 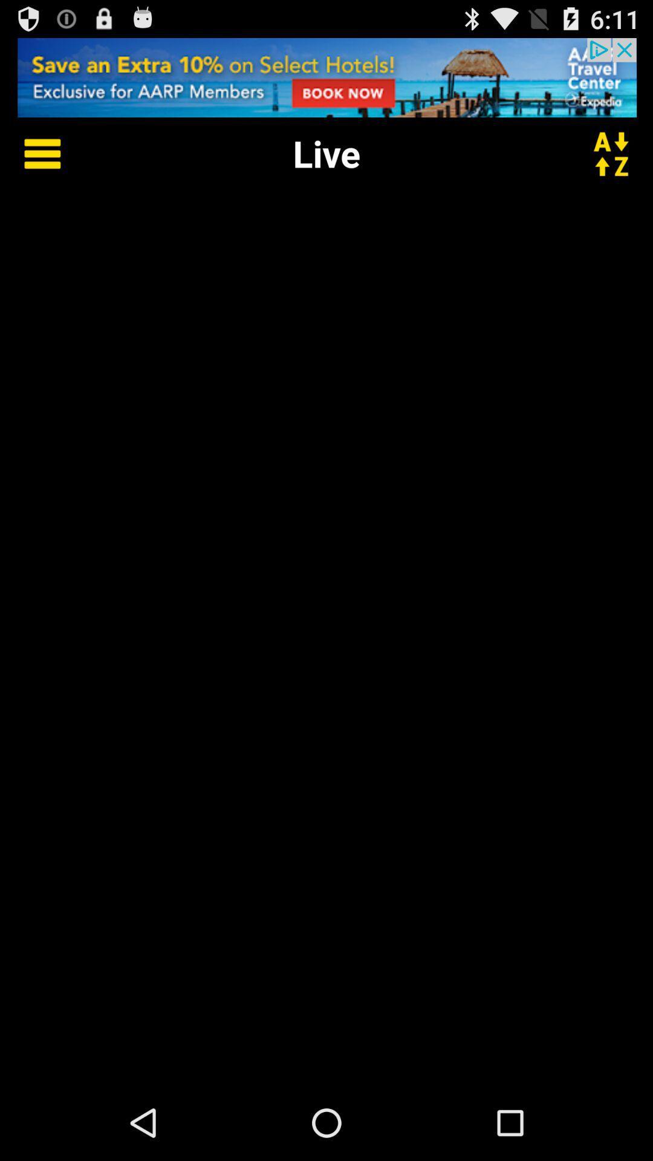 I want to click on menu, so click(x=33, y=152).